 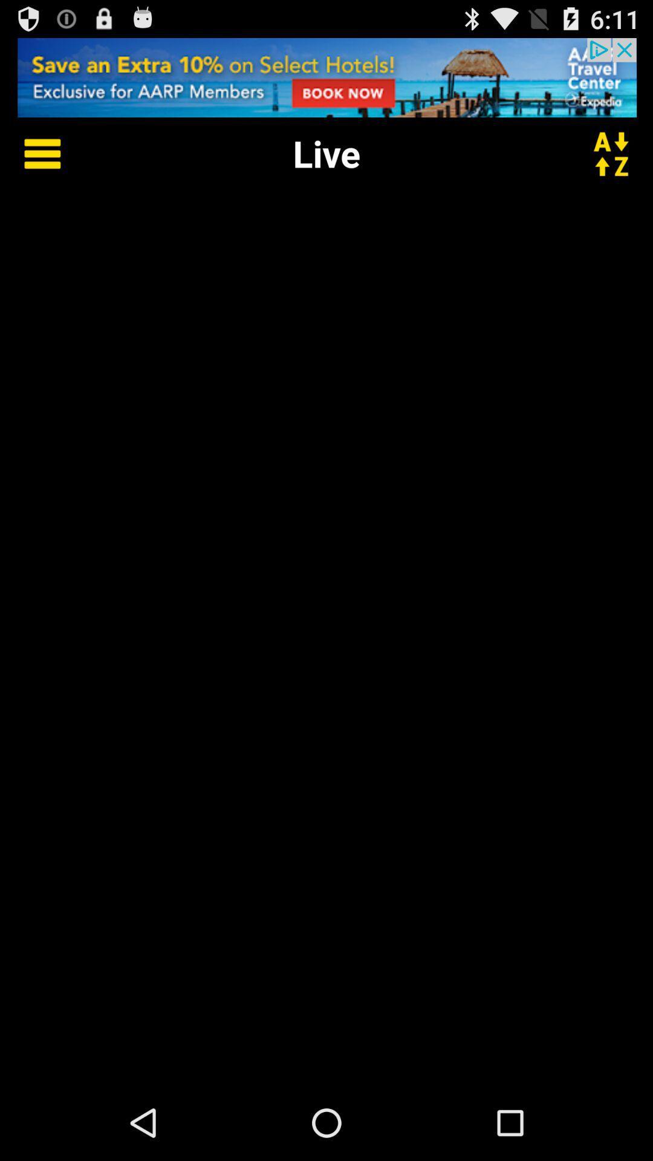 I want to click on menu, so click(x=33, y=152).